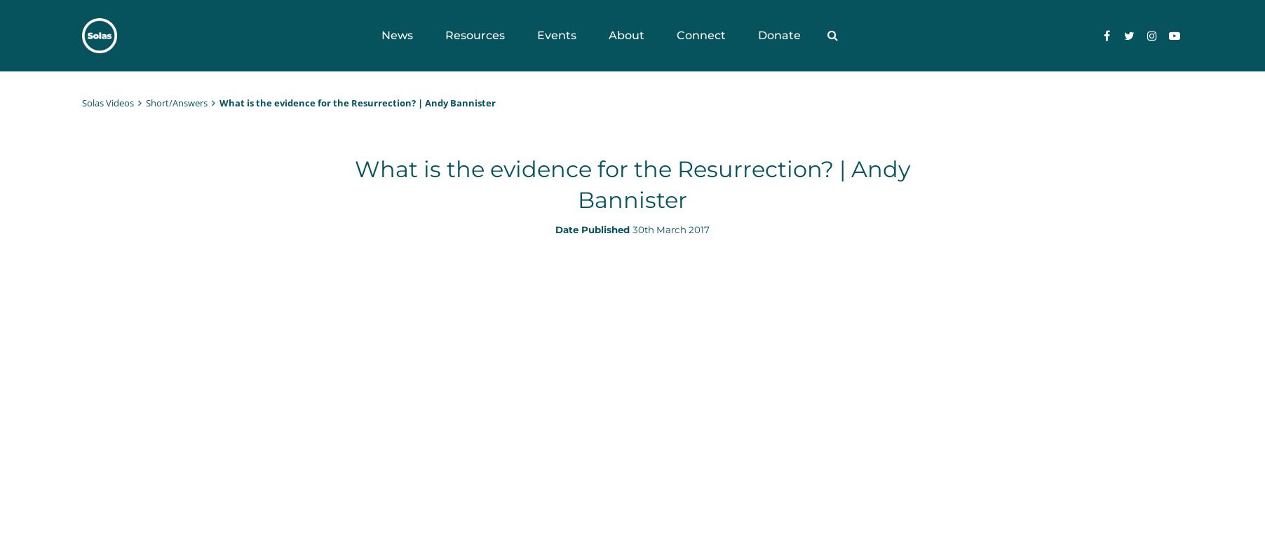 The height and width of the screenshot is (556, 1265). I want to click on 'Donate', so click(778, 35).